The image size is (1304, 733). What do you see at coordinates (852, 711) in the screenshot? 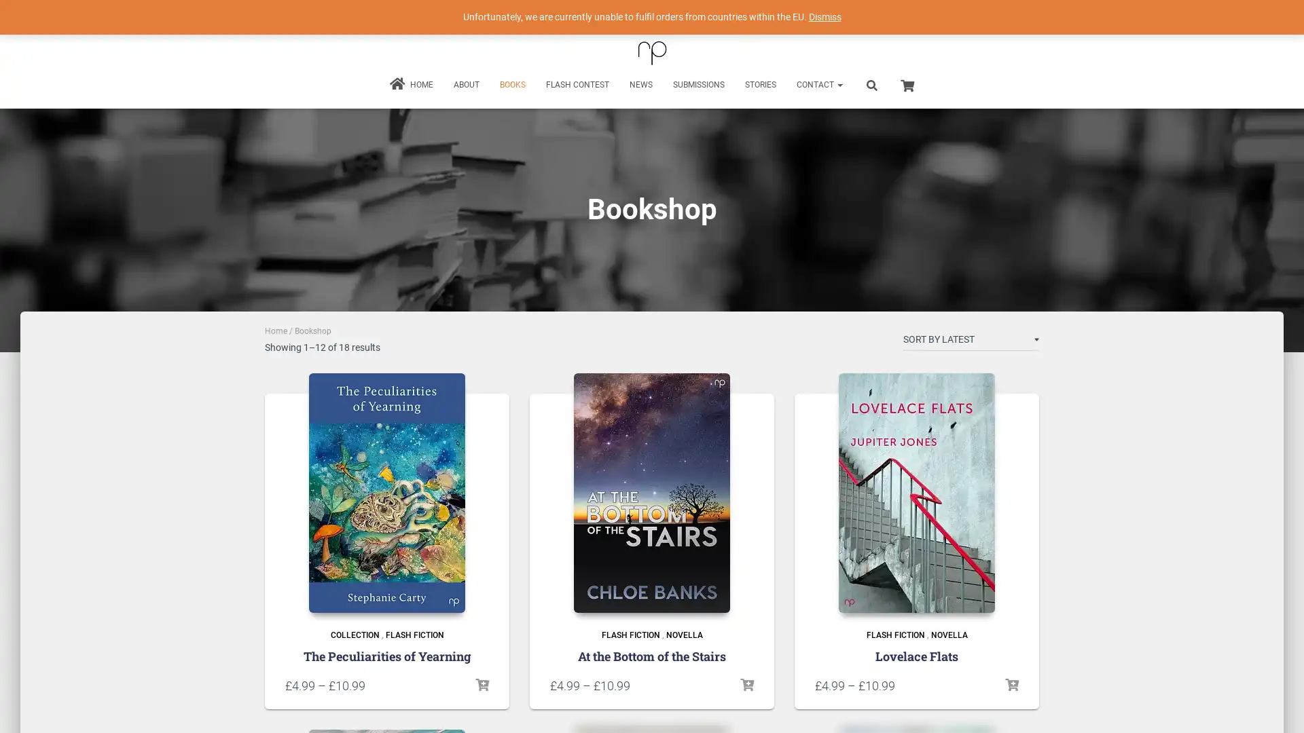
I see `Accept` at bounding box center [852, 711].